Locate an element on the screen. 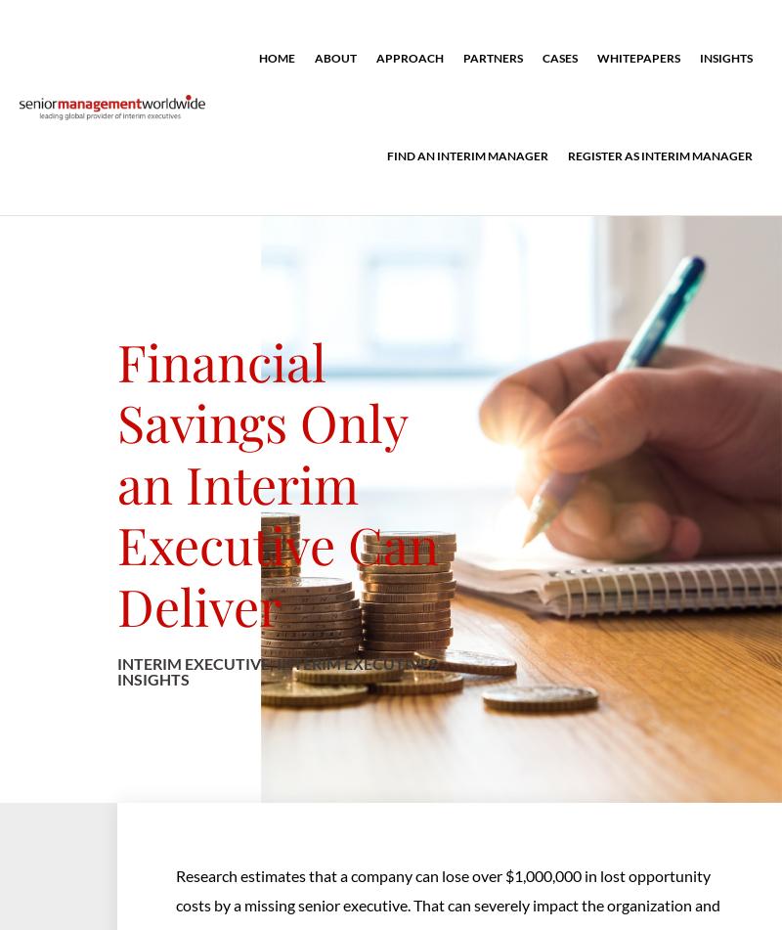 The image size is (782, 930). 'Cases' is located at coordinates (559, 58).